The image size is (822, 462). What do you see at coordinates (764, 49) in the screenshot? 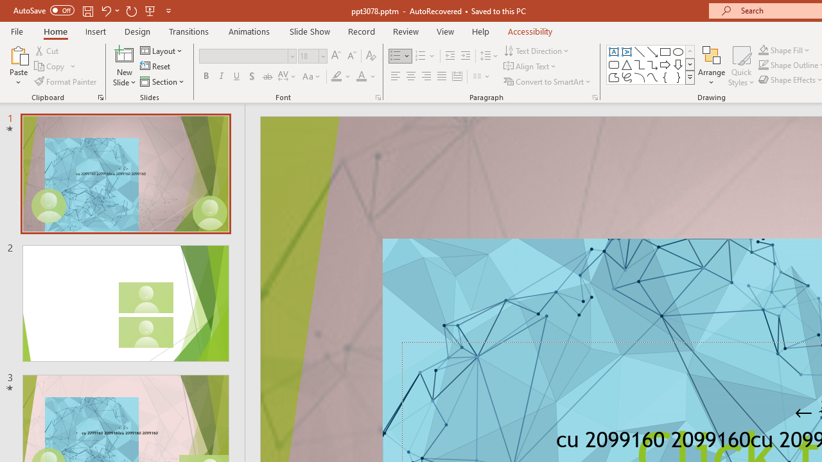
I see `'Shape Fill Dark Green, Accent 2'` at bounding box center [764, 49].